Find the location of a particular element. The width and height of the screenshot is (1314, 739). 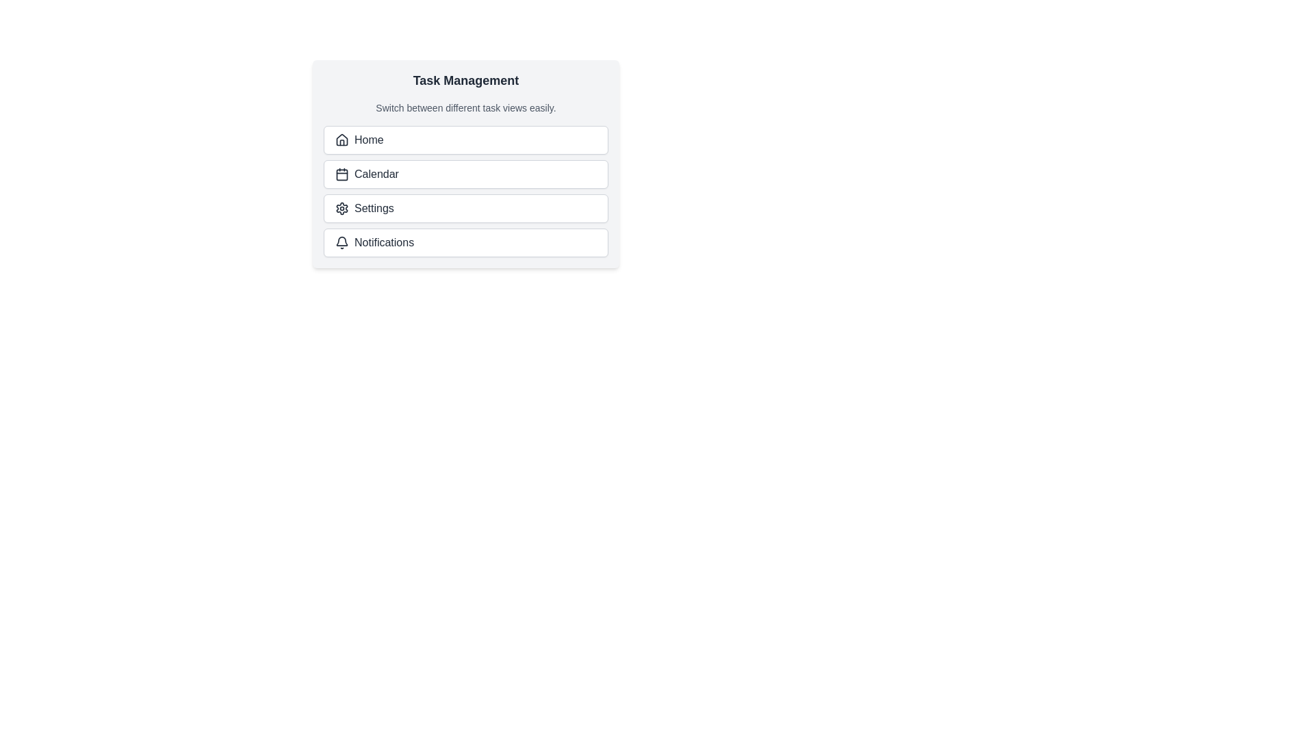

the 'Notifications' text label is located at coordinates (383, 242).